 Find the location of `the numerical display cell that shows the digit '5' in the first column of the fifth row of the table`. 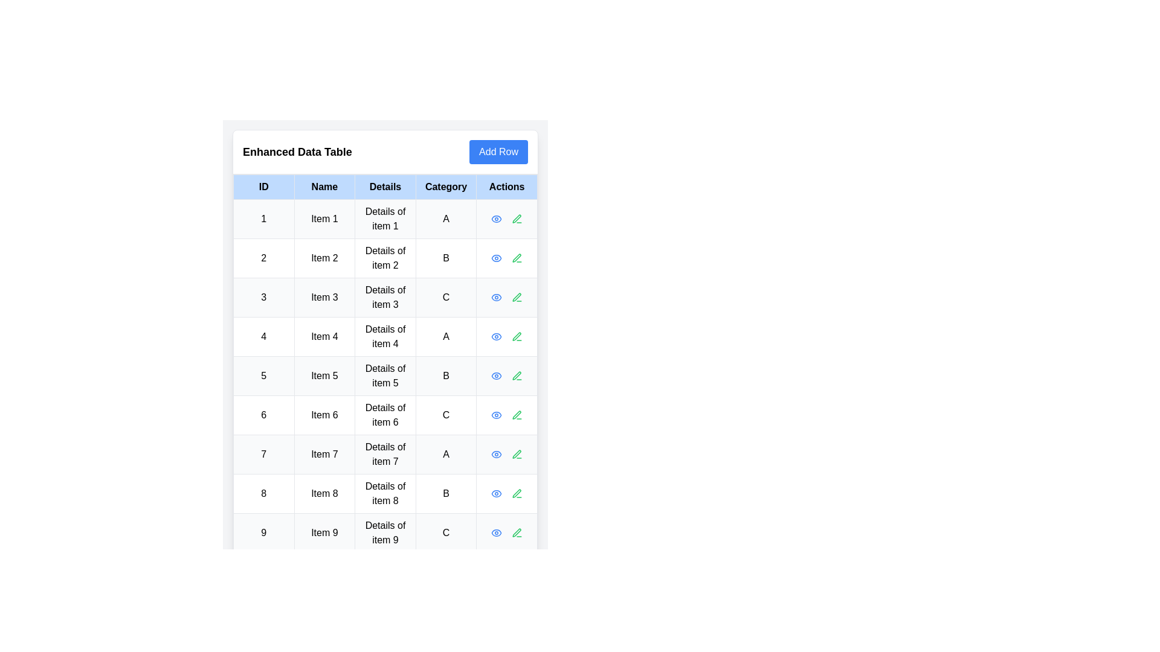

the numerical display cell that shows the digit '5' in the first column of the fifth row of the table is located at coordinates (263, 376).